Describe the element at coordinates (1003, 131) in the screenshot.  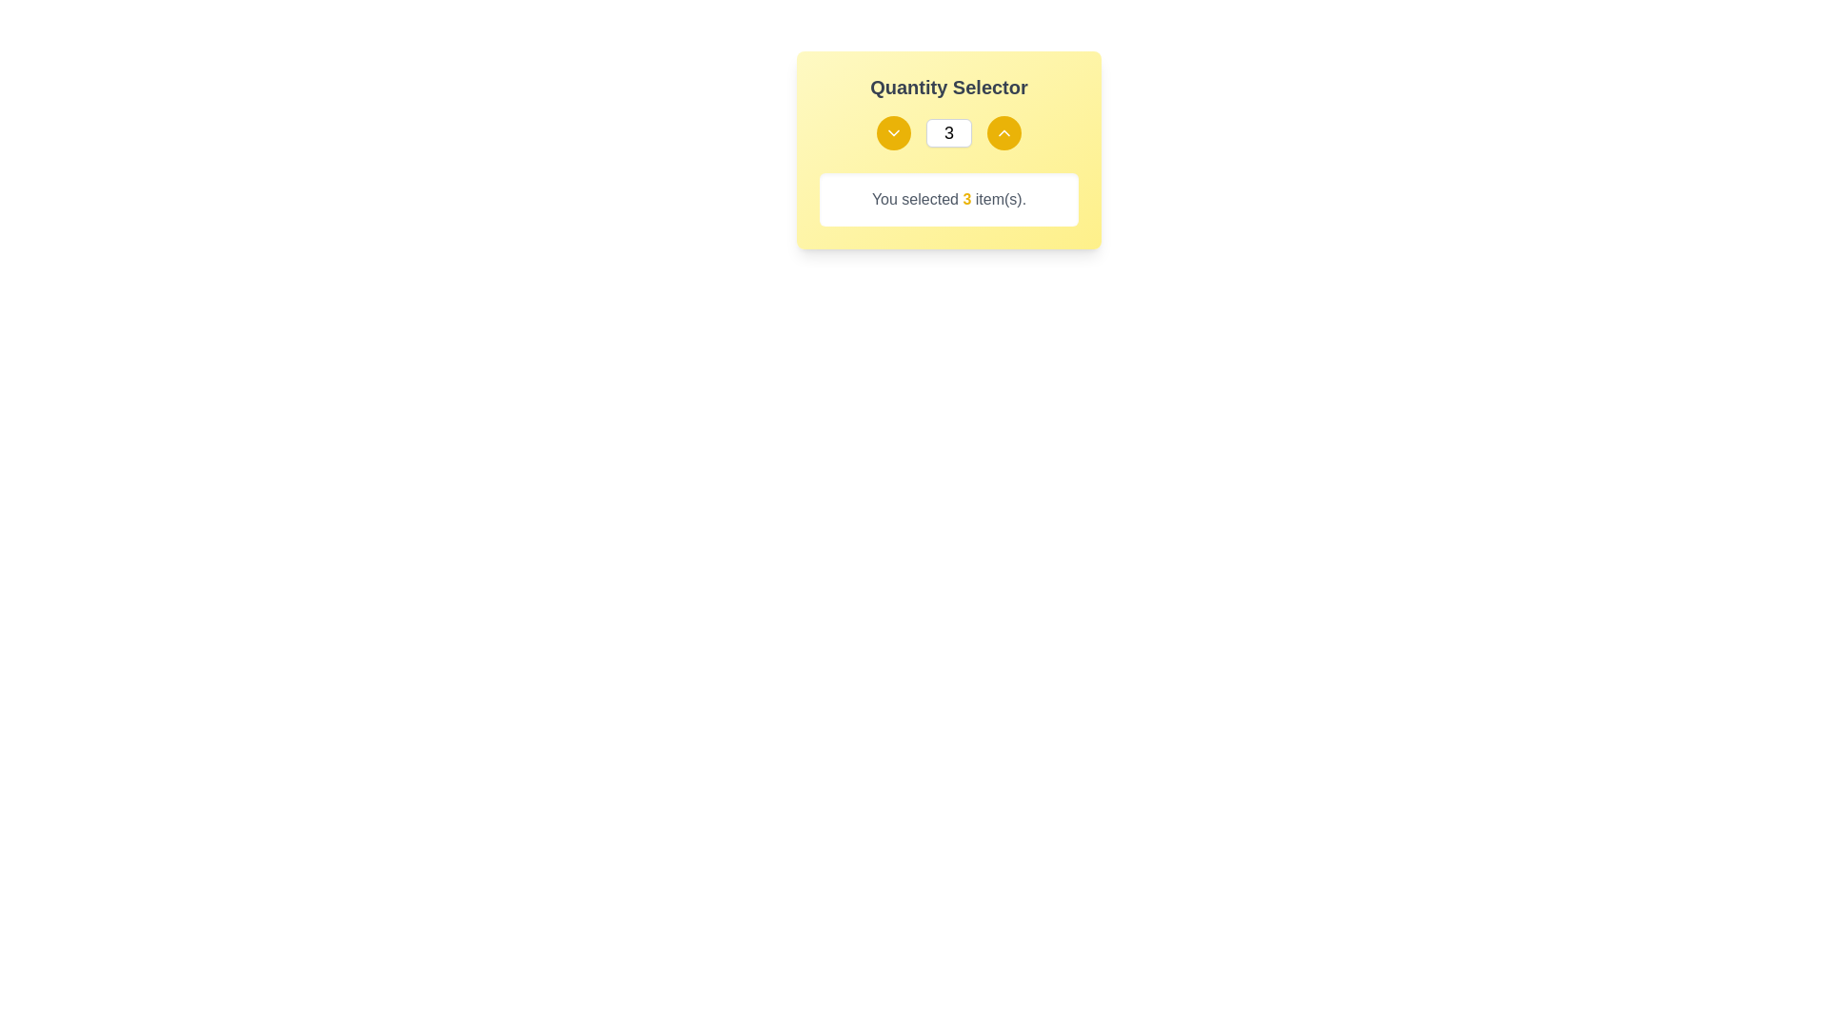
I see `the increment button located to the right of the numeric input box marked '3', which is directly below the label 'Quantity Selector'` at that location.